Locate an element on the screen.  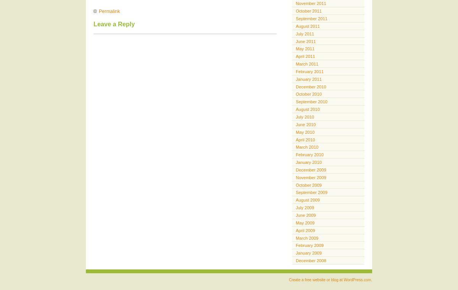
'November 2009' is located at coordinates (310, 176).